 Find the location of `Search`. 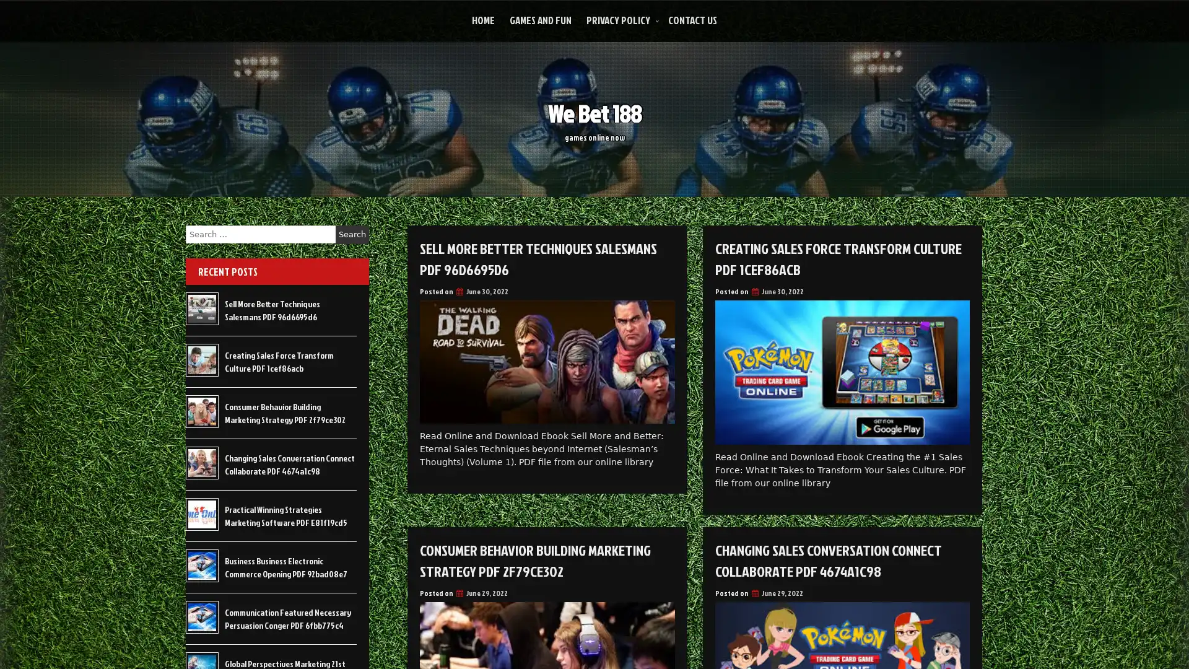

Search is located at coordinates (352, 234).